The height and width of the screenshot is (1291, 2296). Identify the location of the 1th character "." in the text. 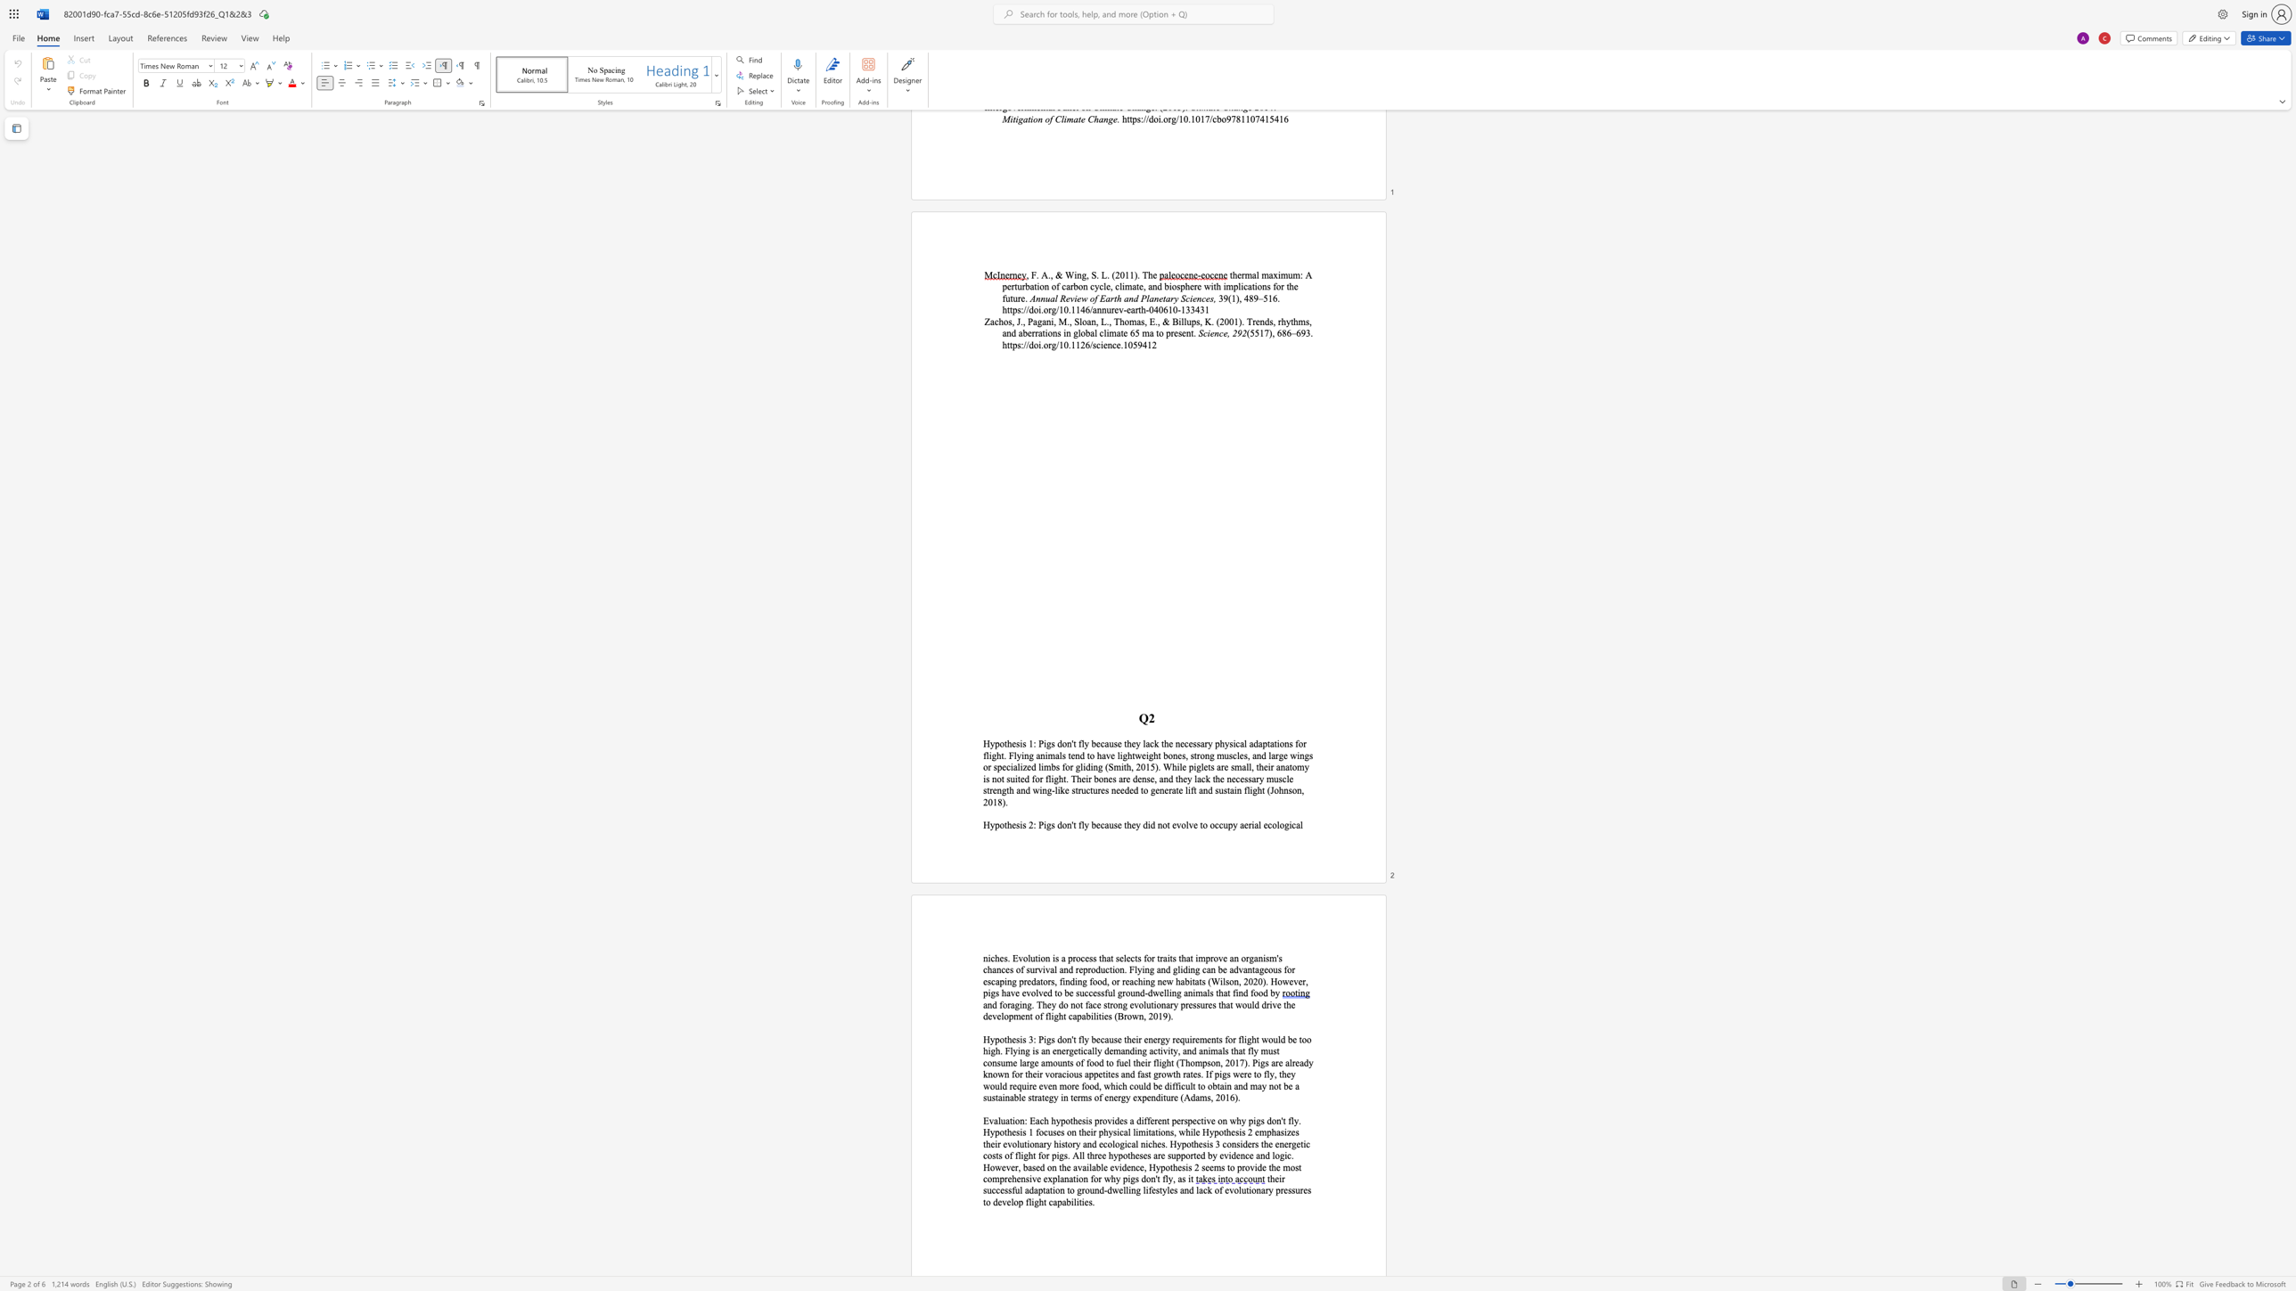
(1007, 958).